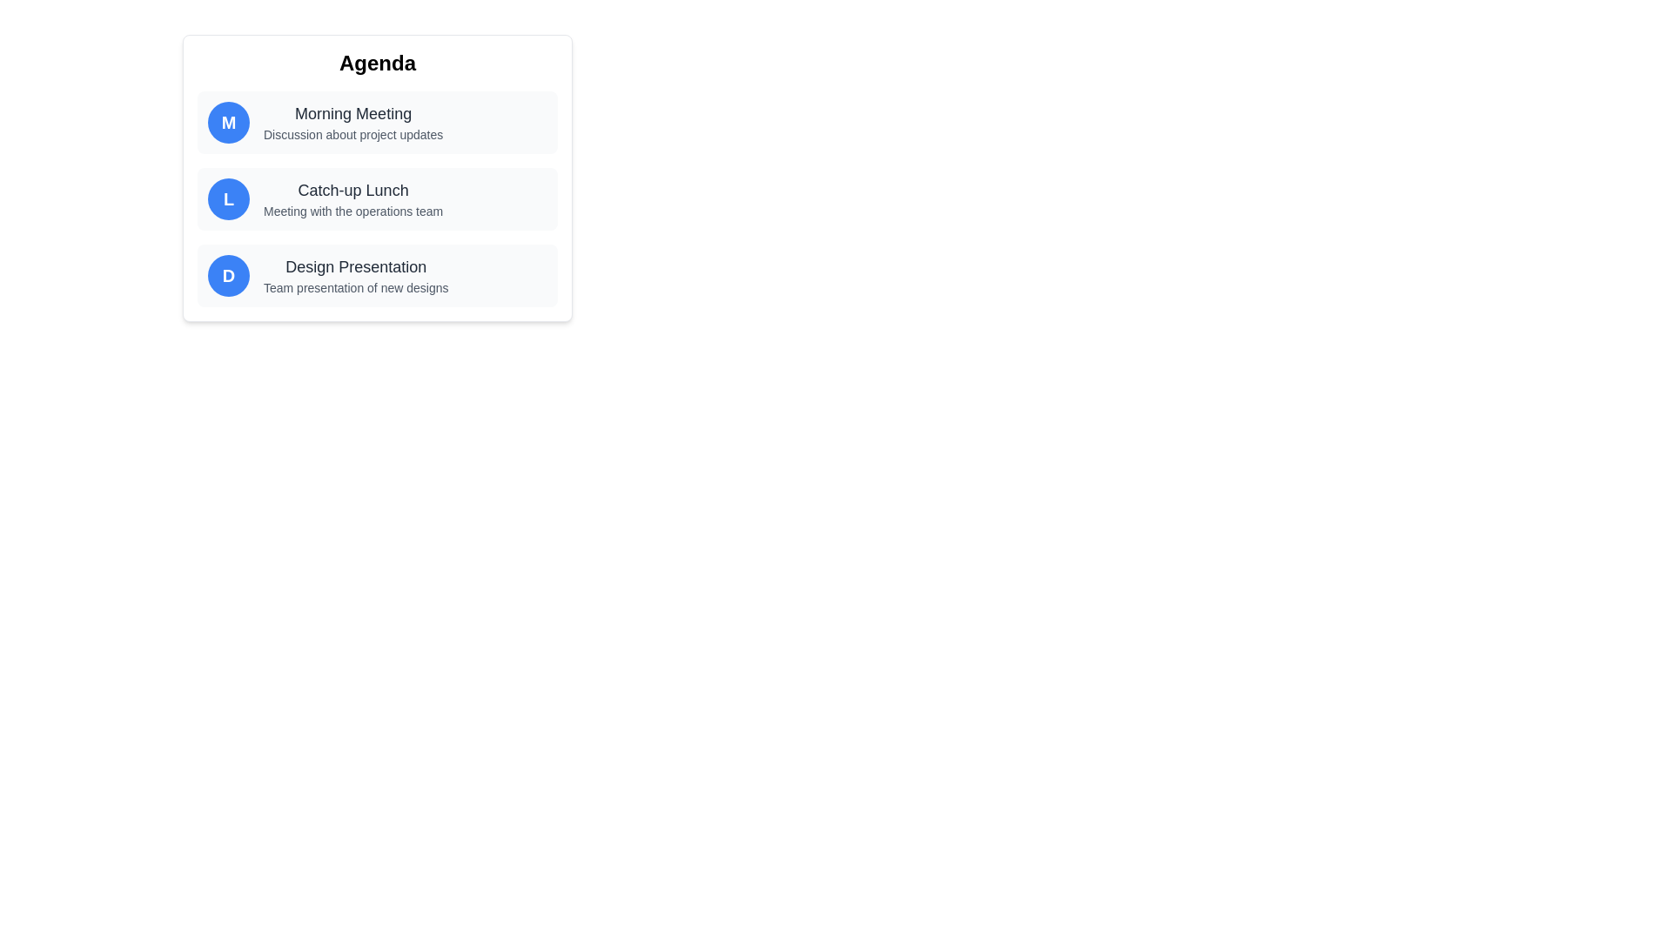  Describe the element at coordinates (352, 211) in the screenshot. I see `the text label displaying 'Meeting with the operations team', which is styled in a smaller font size and subdued gray color, positioned beneath the title 'Catch-up Lunch'` at that location.